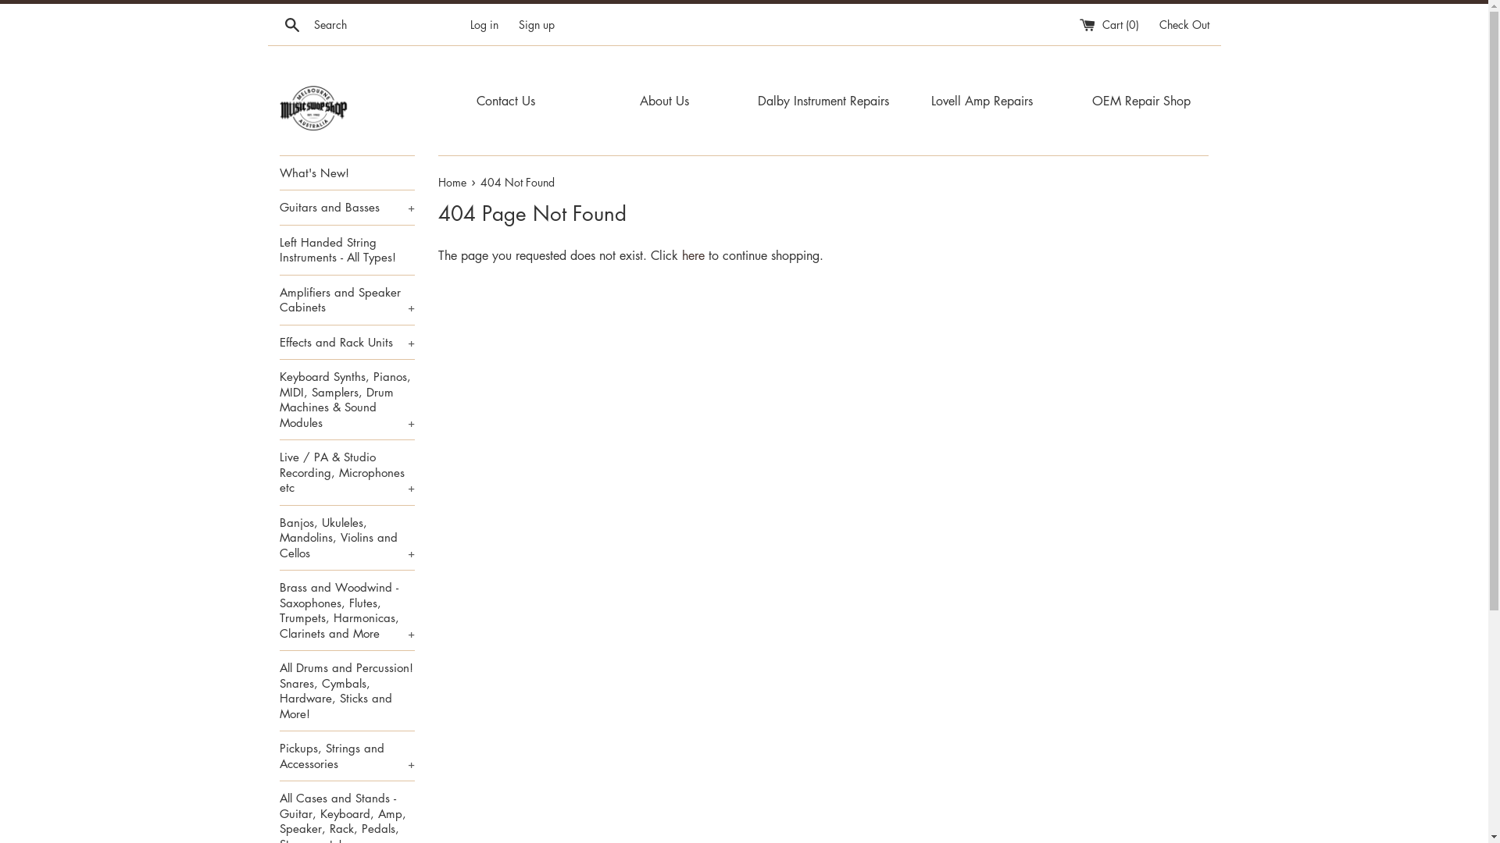  What do you see at coordinates (280, 207) in the screenshot?
I see `'Guitars and Basses` at bounding box center [280, 207].